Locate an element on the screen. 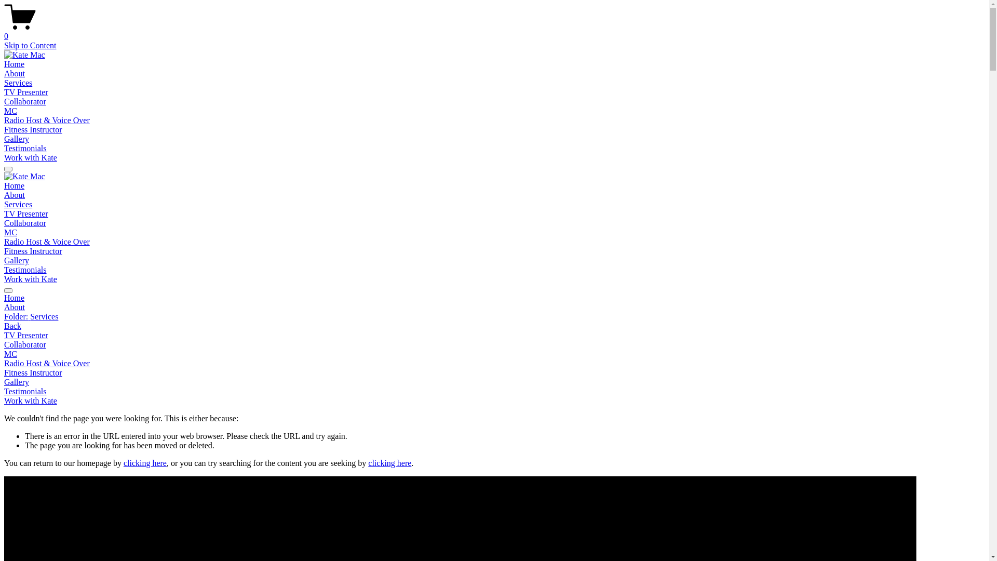 This screenshot has width=997, height=561. 'MC' is located at coordinates (4, 354).